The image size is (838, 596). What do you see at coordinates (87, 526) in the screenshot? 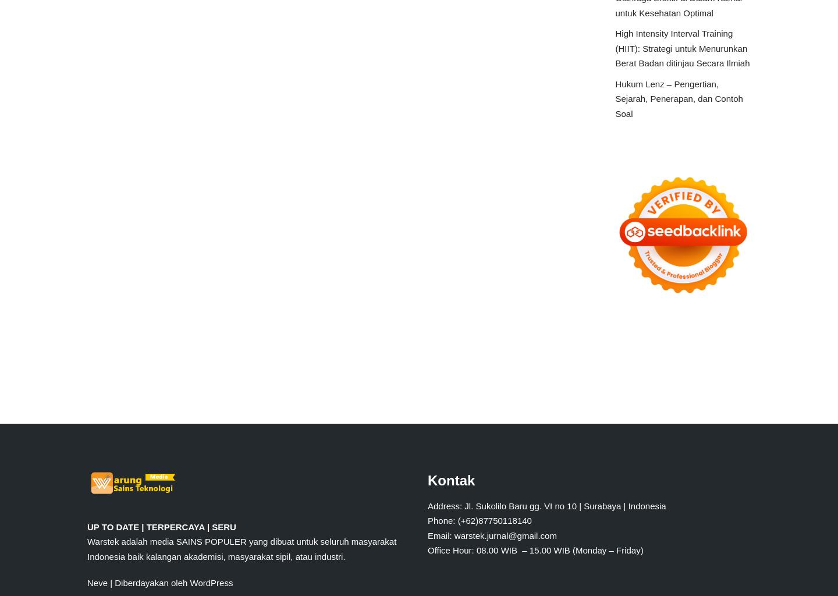
I see `'UP TO DATE | TERPERCAYA | SERU'` at bounding box center [87, 526].